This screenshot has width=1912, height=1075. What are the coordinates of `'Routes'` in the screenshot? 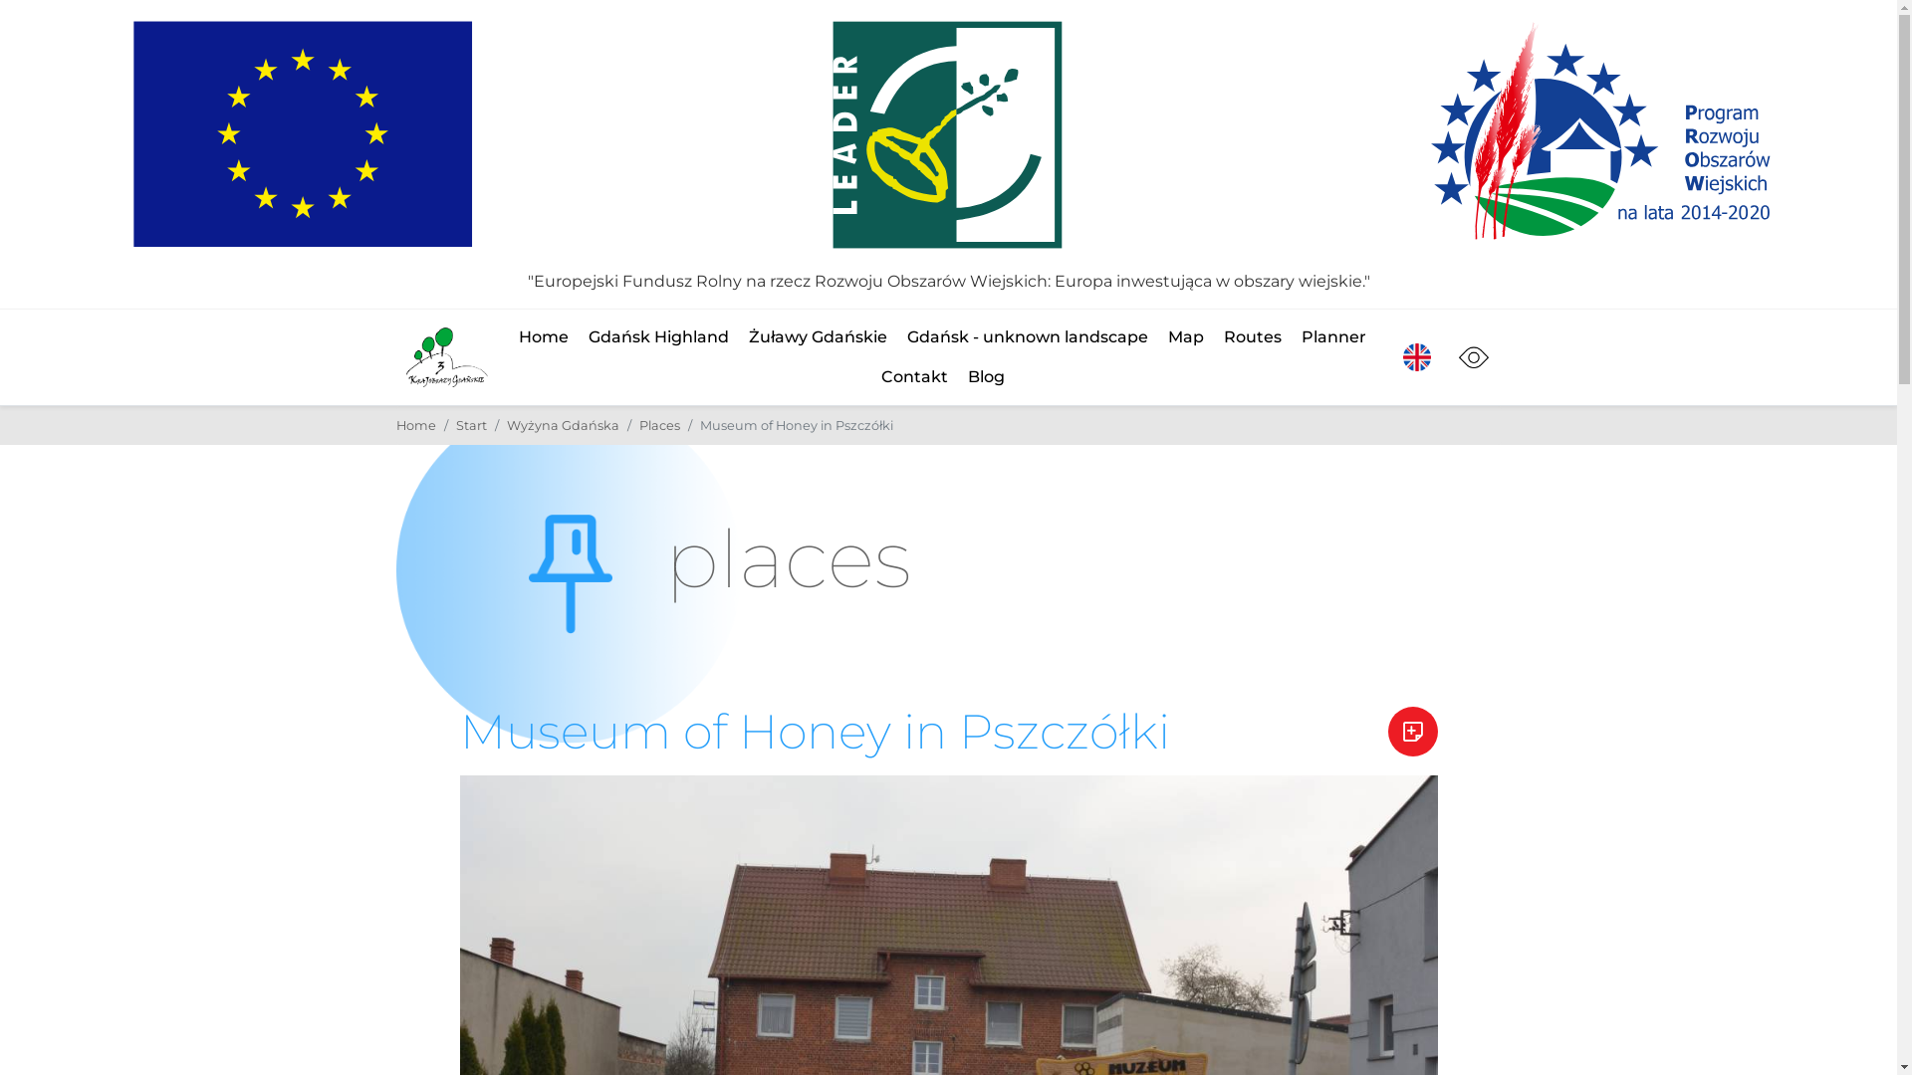 It's located at (1222, 336).